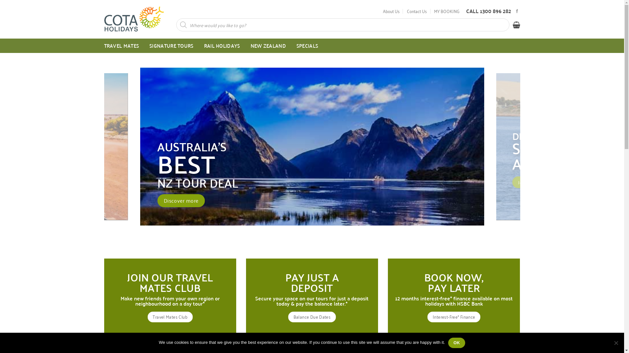 The width and height of the screenshot is (629, 353). What do you see at coordinates (135, 19) in the screenshot?
I see `'COTA Holidays - Come gallivanting with us!'` at bounding box center [135, 19].